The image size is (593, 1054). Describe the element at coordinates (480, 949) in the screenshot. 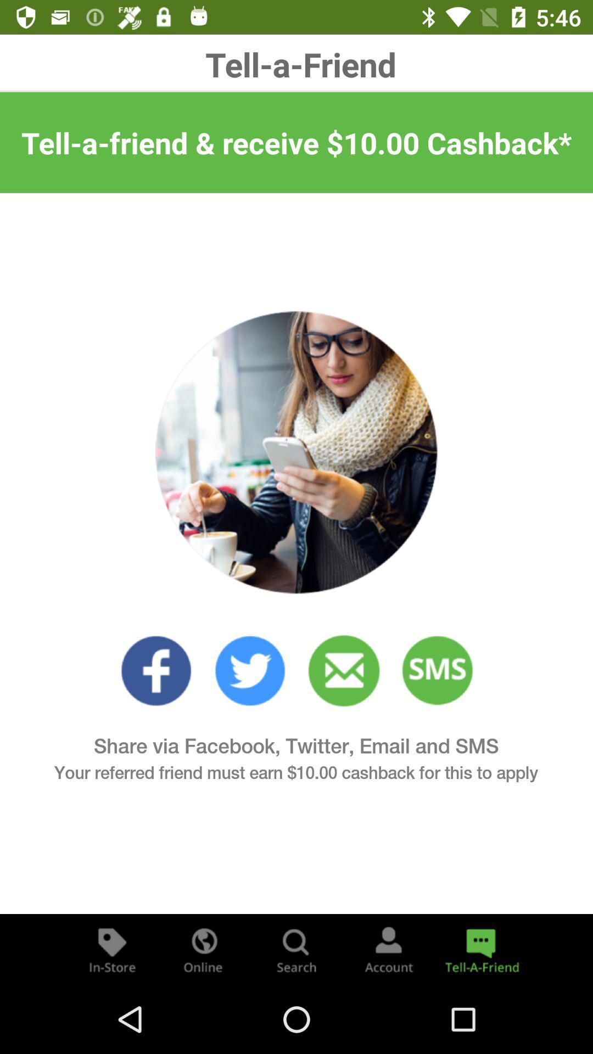

I see `share the app` at that location.